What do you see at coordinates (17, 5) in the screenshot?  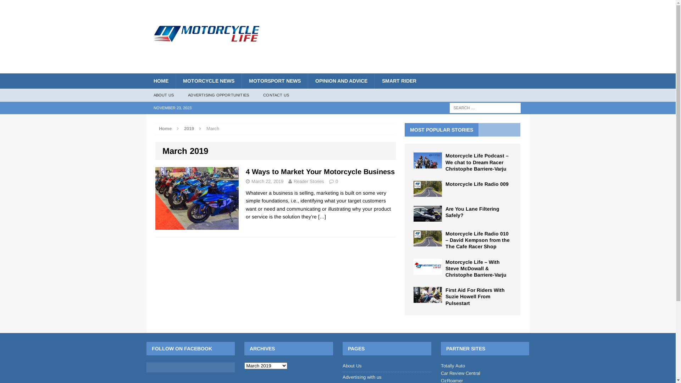 I see `'Search'` at bounding box center [17, 5].